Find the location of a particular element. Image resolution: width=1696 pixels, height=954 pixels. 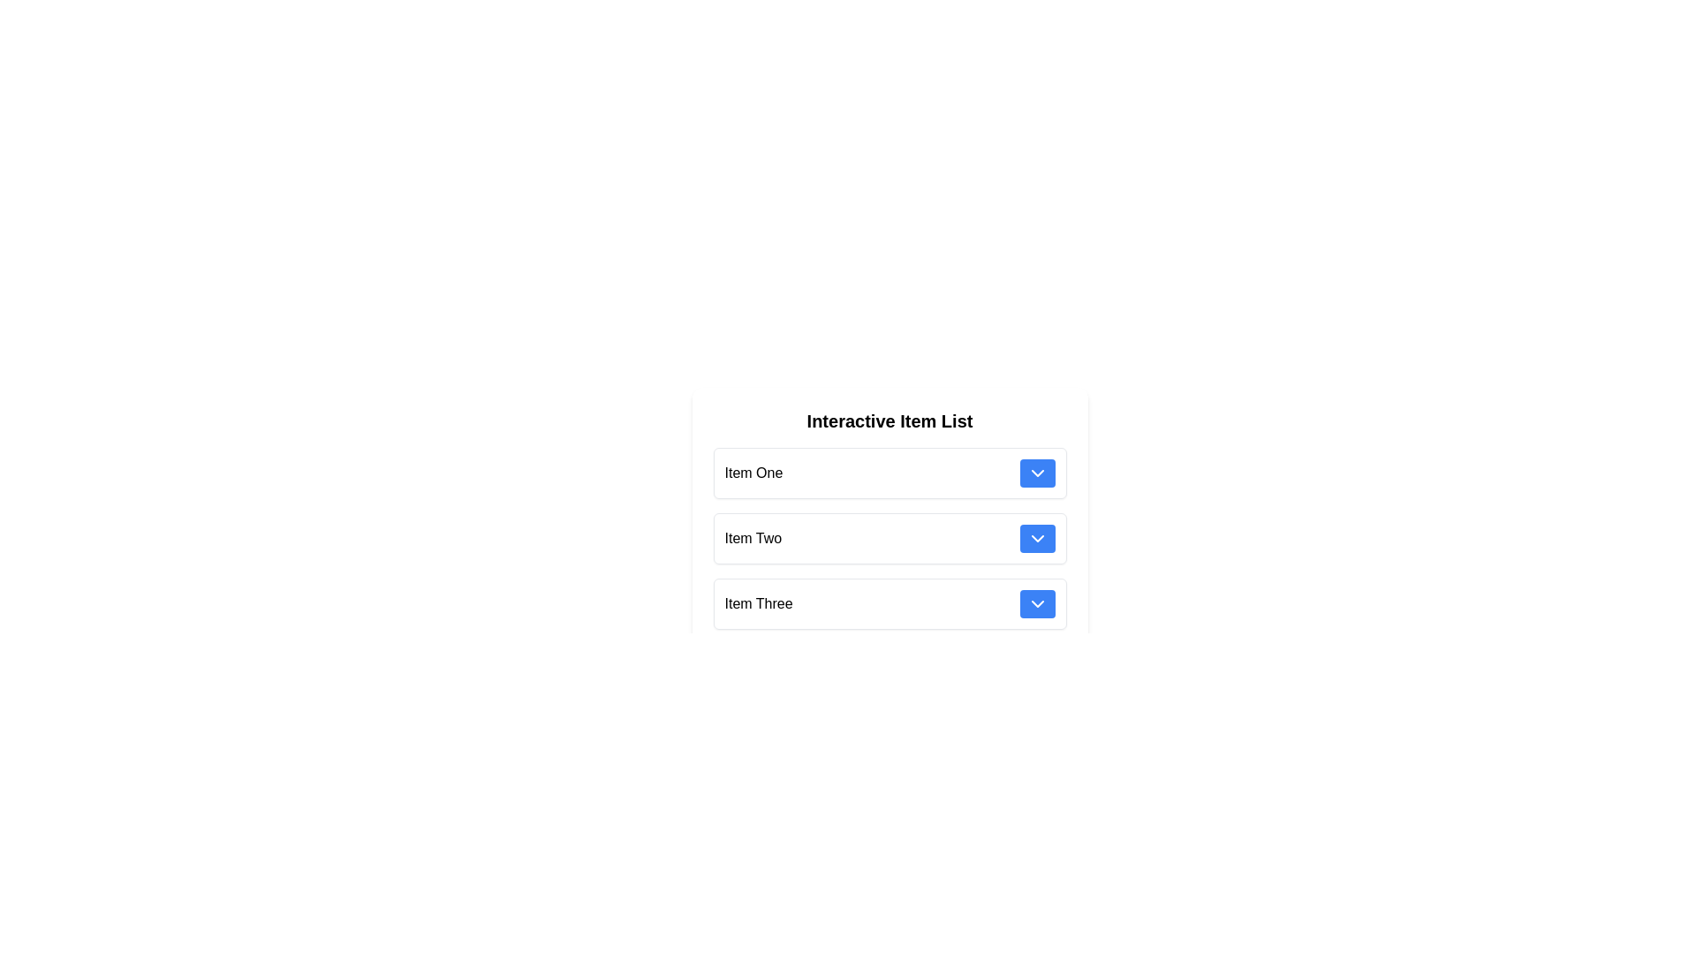

the dropdown icon located to the right of the 'Item One' label in the 'Interactive Item List' is located at coordinates (1037, 473).